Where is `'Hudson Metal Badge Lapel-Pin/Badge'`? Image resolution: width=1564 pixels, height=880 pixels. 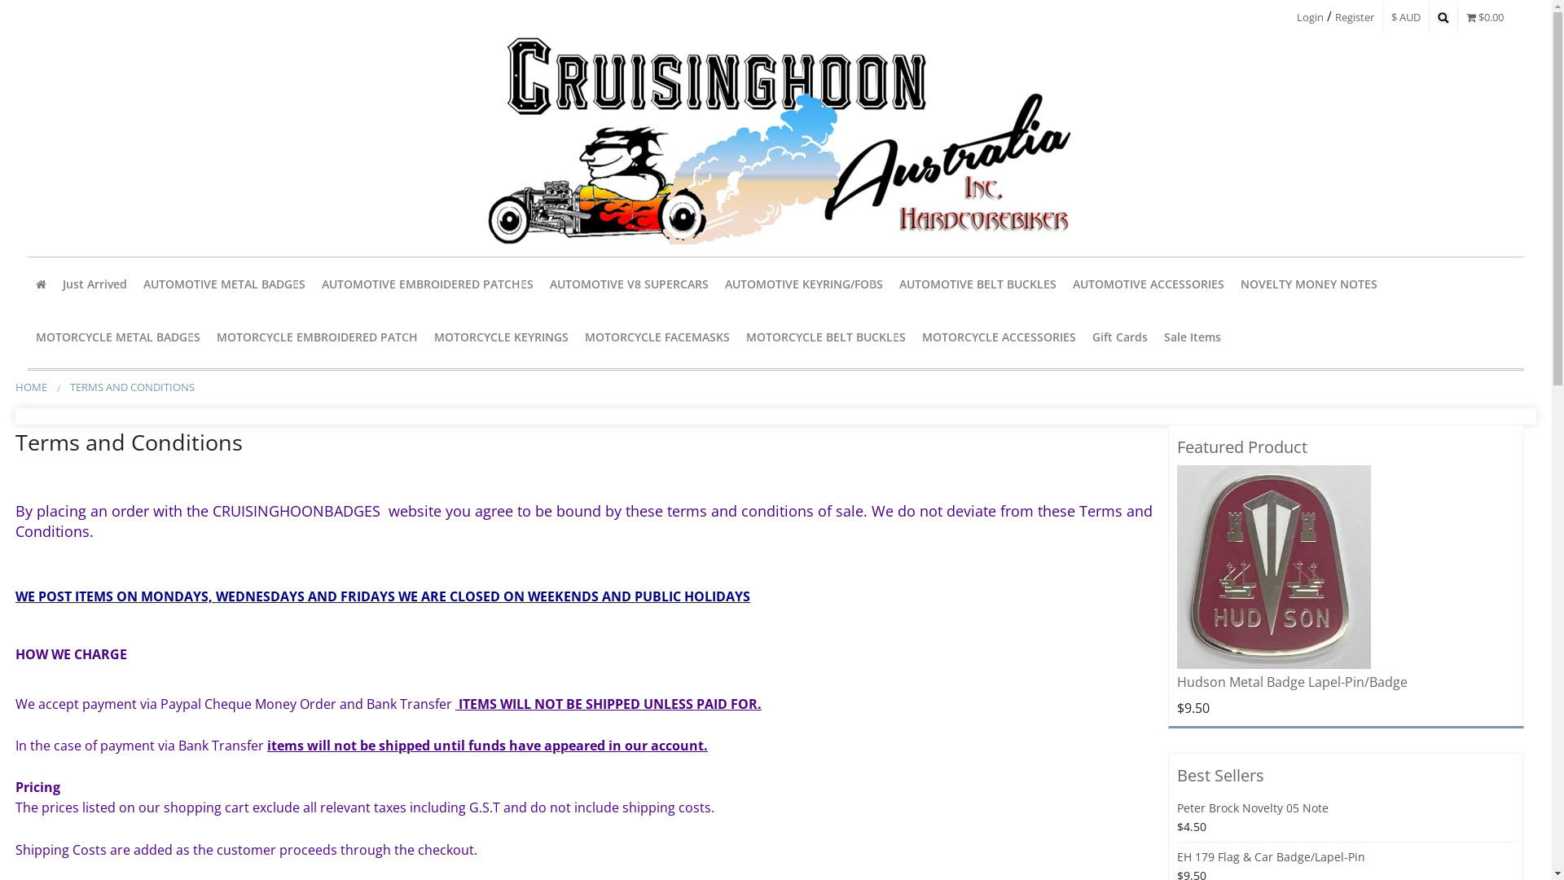
'Hudson Metal Badge Lapel-Pin/Badge' is located at coordinates (1176, 565).